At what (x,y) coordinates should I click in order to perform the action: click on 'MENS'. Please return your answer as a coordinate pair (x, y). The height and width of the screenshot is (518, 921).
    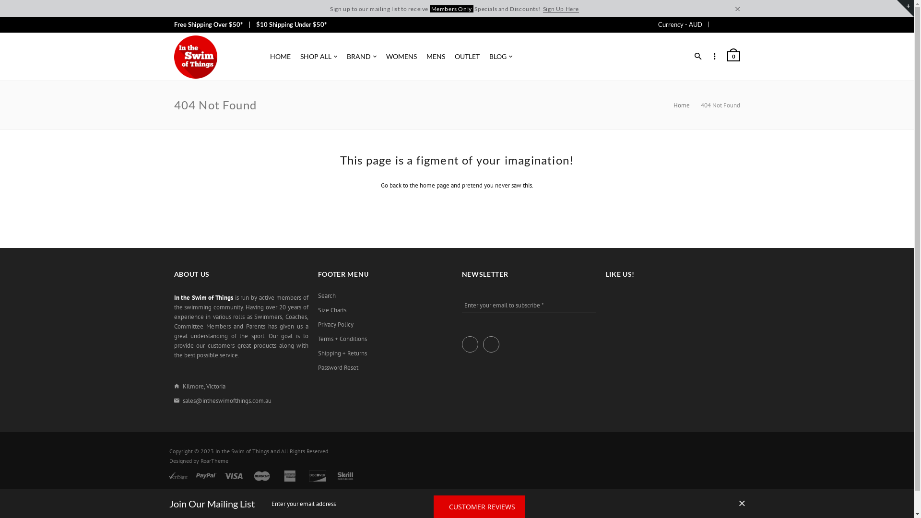
    Looking at the image, I should click on (435, 57).